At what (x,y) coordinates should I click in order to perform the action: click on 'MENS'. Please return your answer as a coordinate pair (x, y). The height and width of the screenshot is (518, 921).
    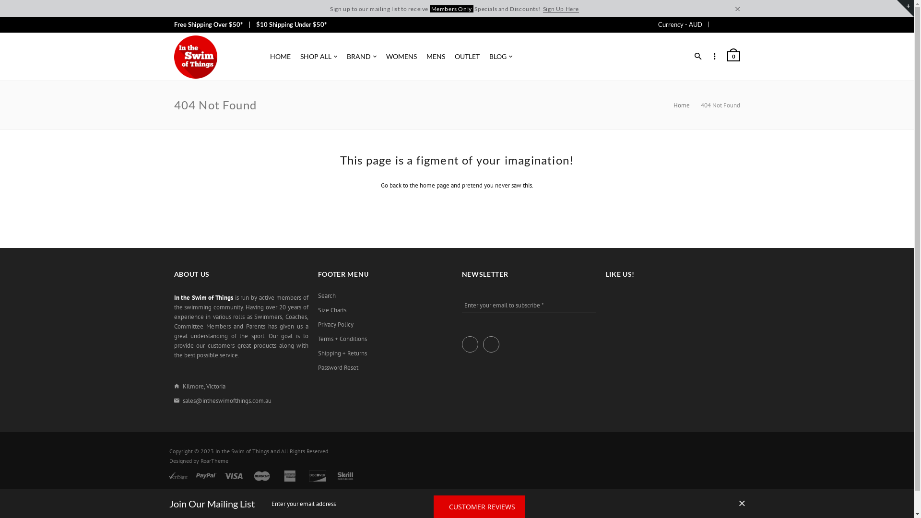
    Looking at the image, I should click on (435, 57).